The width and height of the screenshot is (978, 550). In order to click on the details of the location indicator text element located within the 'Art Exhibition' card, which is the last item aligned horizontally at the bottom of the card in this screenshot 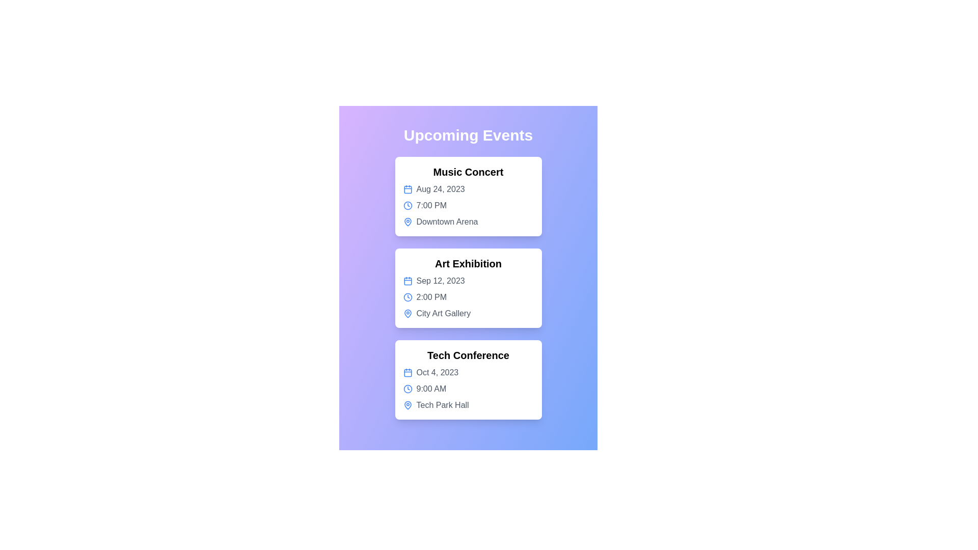, I will do `click(468, 313)`.